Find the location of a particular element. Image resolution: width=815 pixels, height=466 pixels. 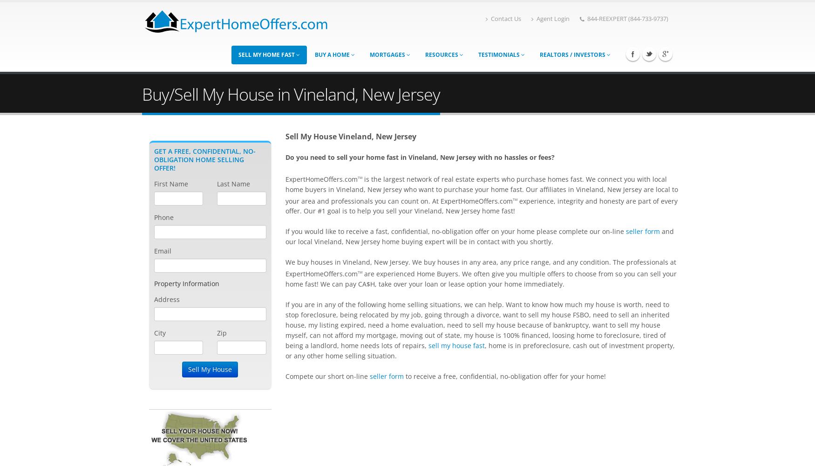

'We buy houses in
	Vineland, New Jersey. We buy houses in any
	area, any price range, and any condition. The professionals at ExpertHomeOffers.com' is located at coordinates (285, 267).